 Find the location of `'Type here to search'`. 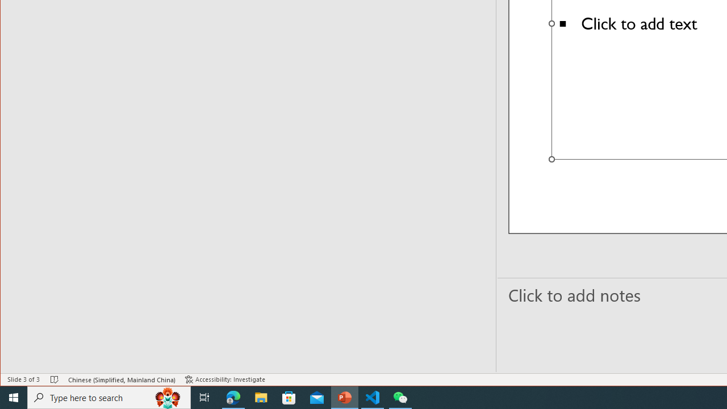

'Type here to search' is located at coordinates (109, 397).